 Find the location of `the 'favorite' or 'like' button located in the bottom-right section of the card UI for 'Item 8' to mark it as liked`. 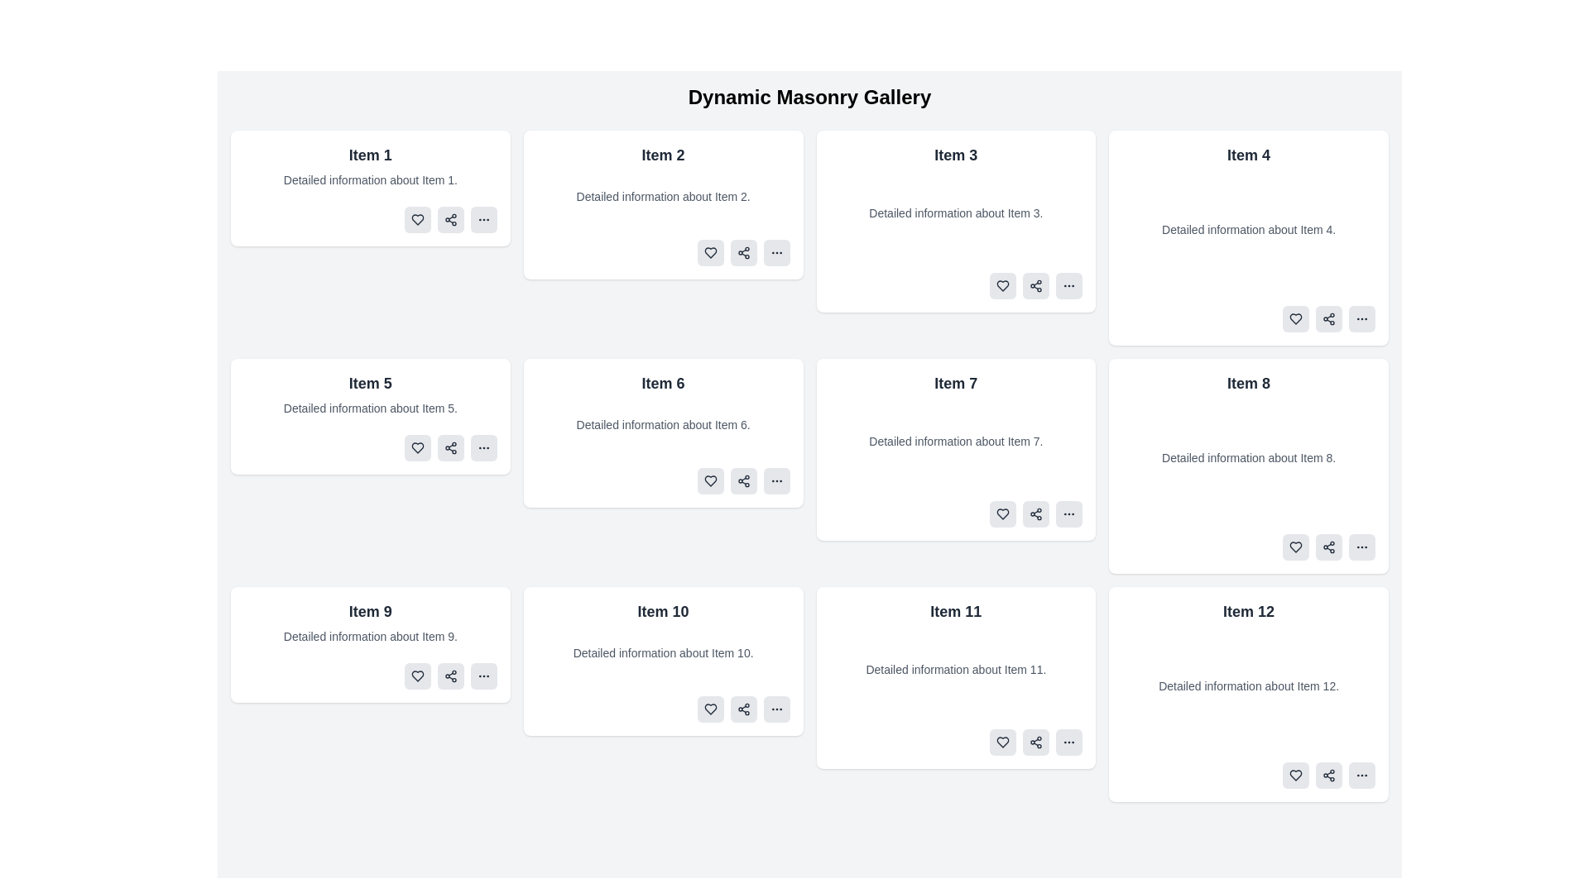

the 'favorite' or 'like' button located in the bottom-right section of the card UI for 'Item 8' to mark it as liked is located at coordinates (1294, 547).